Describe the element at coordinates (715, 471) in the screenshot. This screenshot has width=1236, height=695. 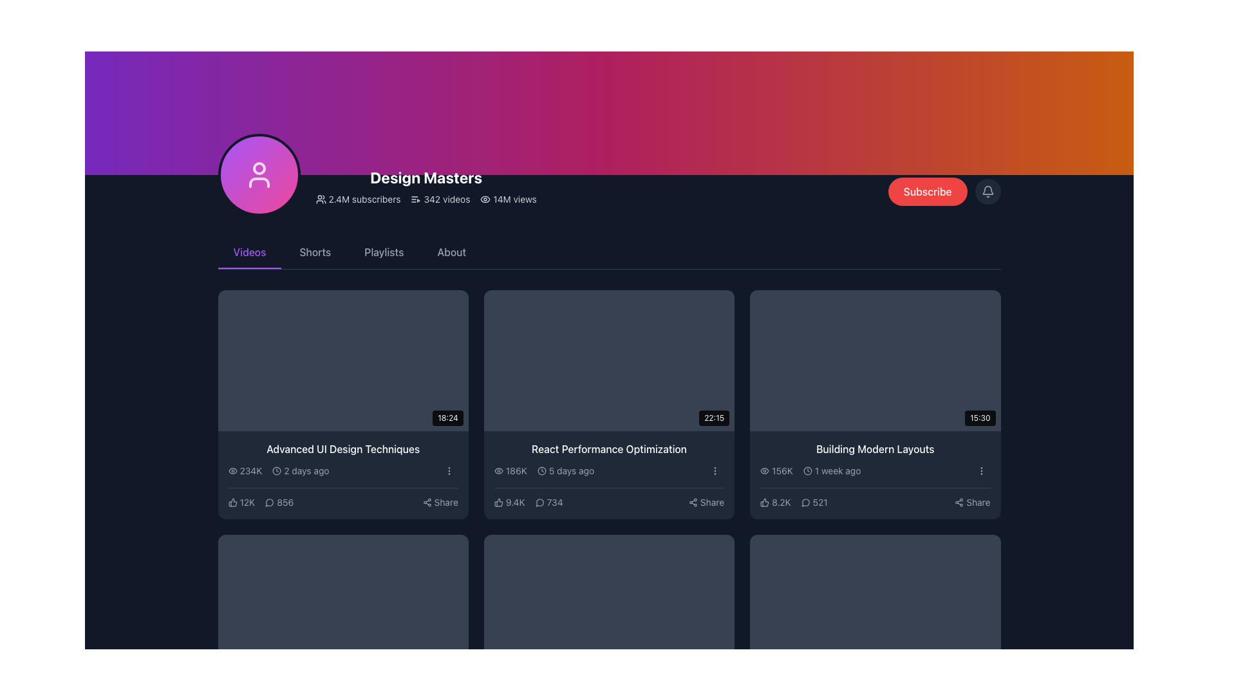
I see `the vertical ellipsis menu icon (three-dot icon) located at the bottom right section of the card for the video titled 'React Performance Optimization'` at that location.